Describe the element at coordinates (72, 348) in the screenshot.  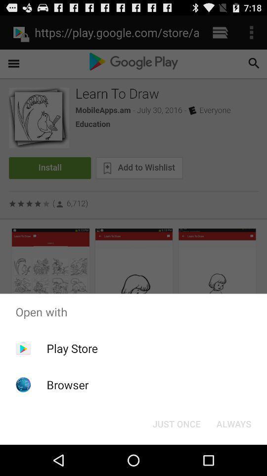
I see `the app above browser app` at that location.